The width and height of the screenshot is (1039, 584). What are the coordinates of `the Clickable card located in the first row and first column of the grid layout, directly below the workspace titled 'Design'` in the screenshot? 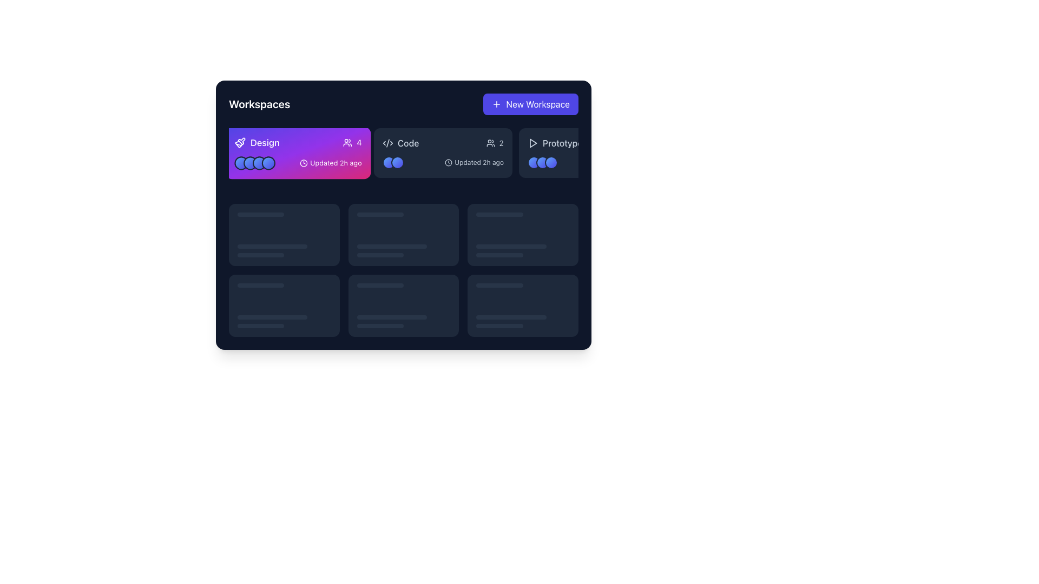 It's located at (284, 234).